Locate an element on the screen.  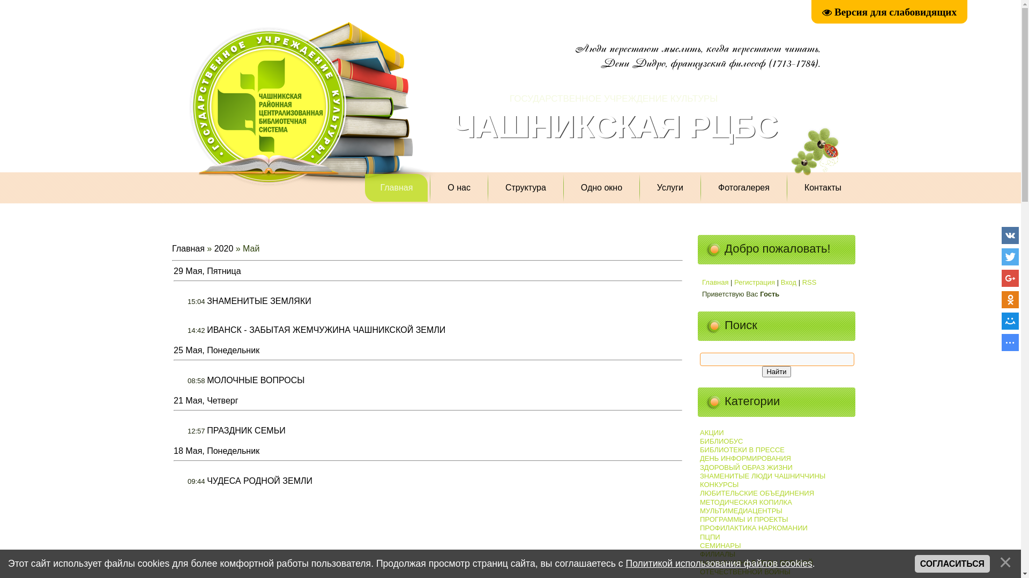
'RSS' is located at coordinates (809, 282).